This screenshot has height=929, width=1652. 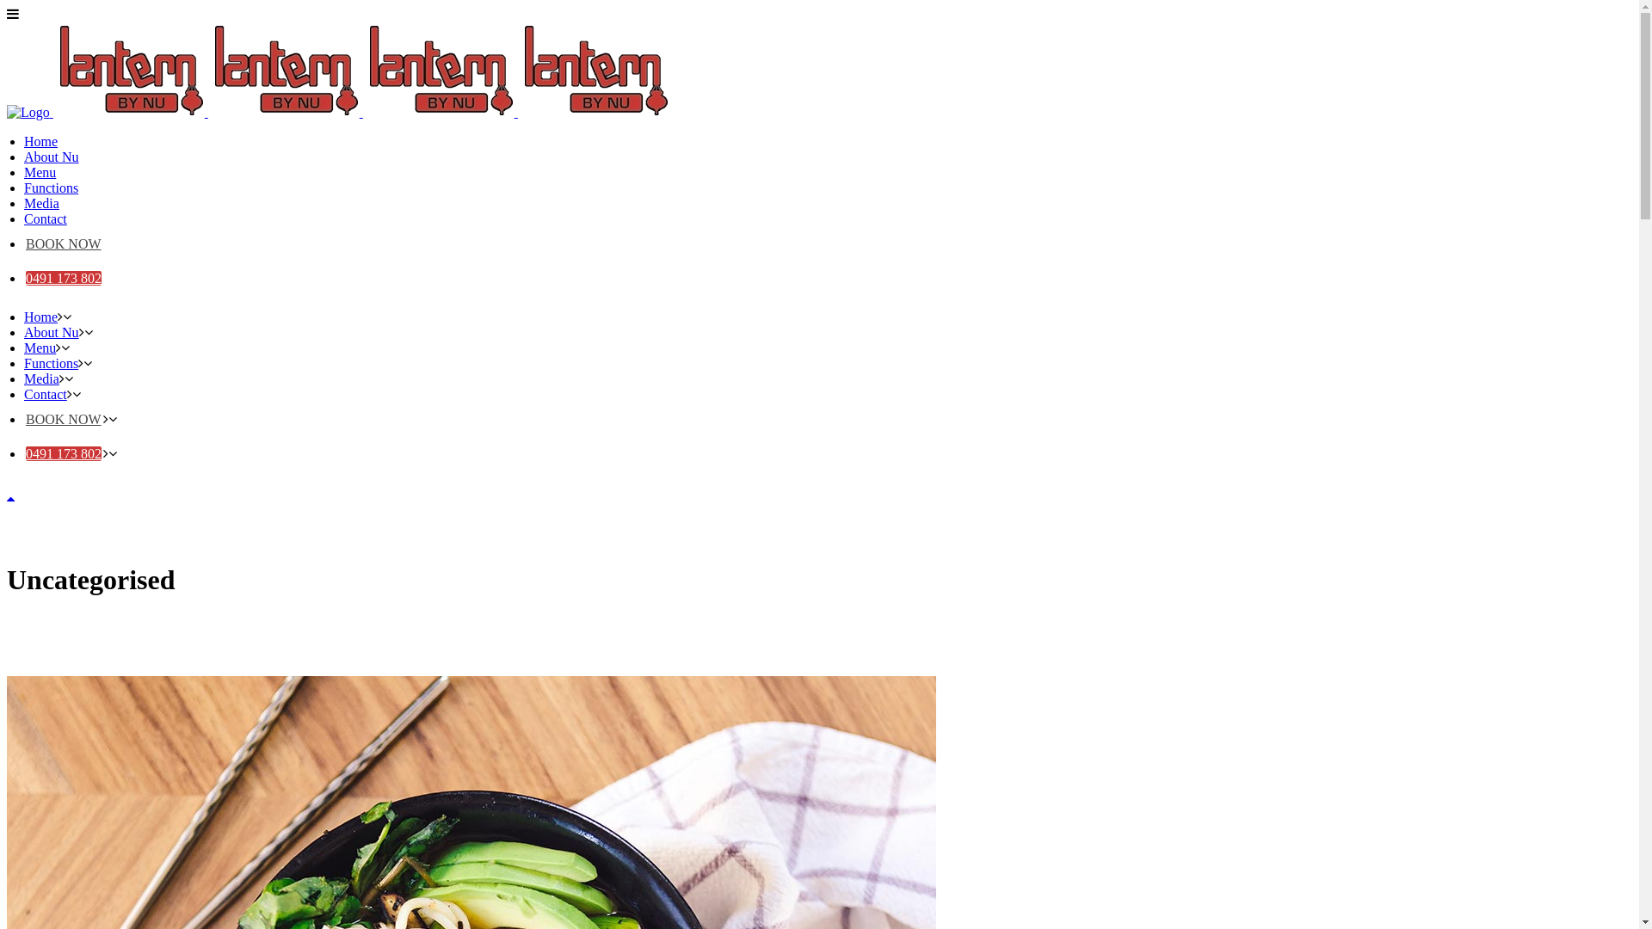 I want to click on 'Home', so click(x=40, y=140).